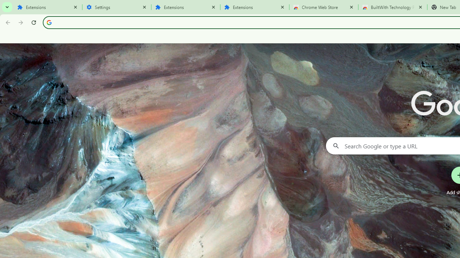 The width and height of the screenshot is (460, 258). What do you see at coordinates (323, 7) in the screenshot?
I see `'Chrome Web Store'` at bounding box center [323, 7].